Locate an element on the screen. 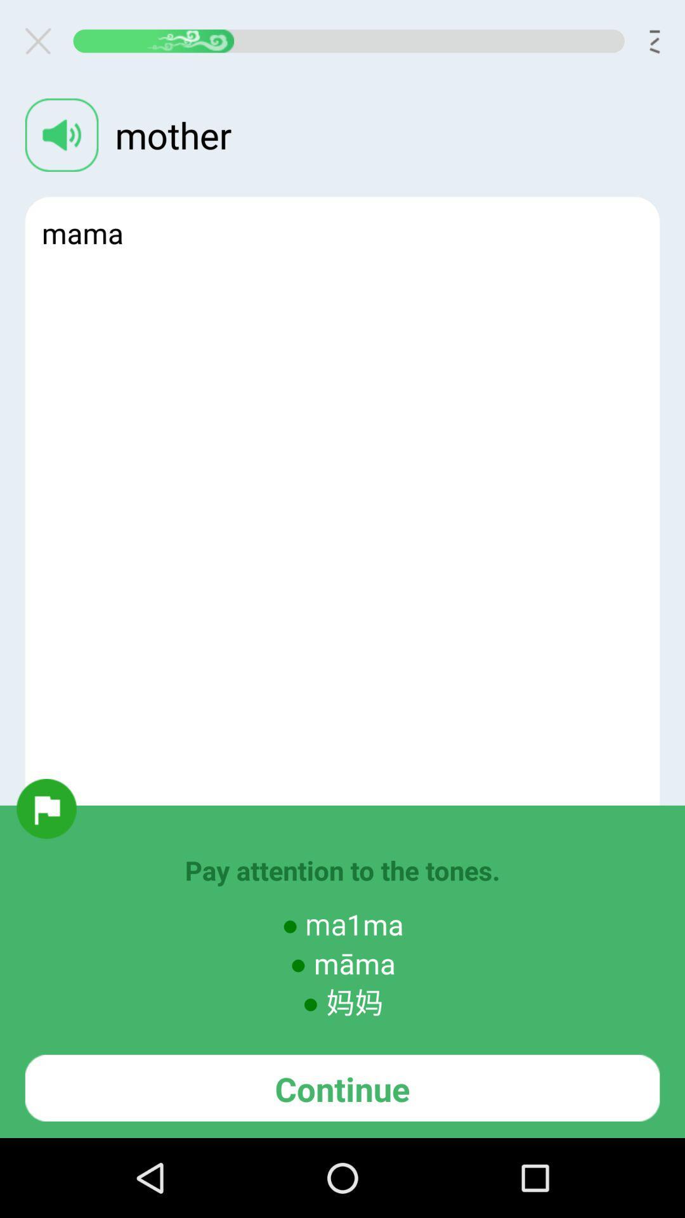 The width and height of the screenshot is (685, 1218). the volume icon is located at coordinates (62, 144).